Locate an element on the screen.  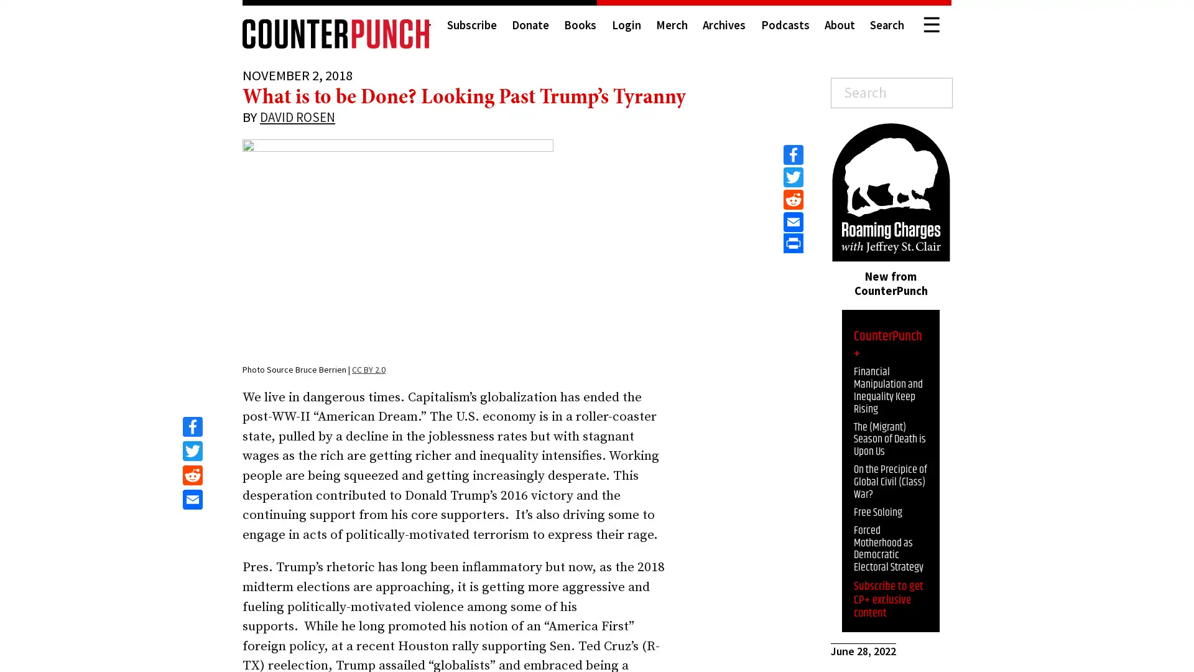
Sign Up is located at coordinates (1088, 645).